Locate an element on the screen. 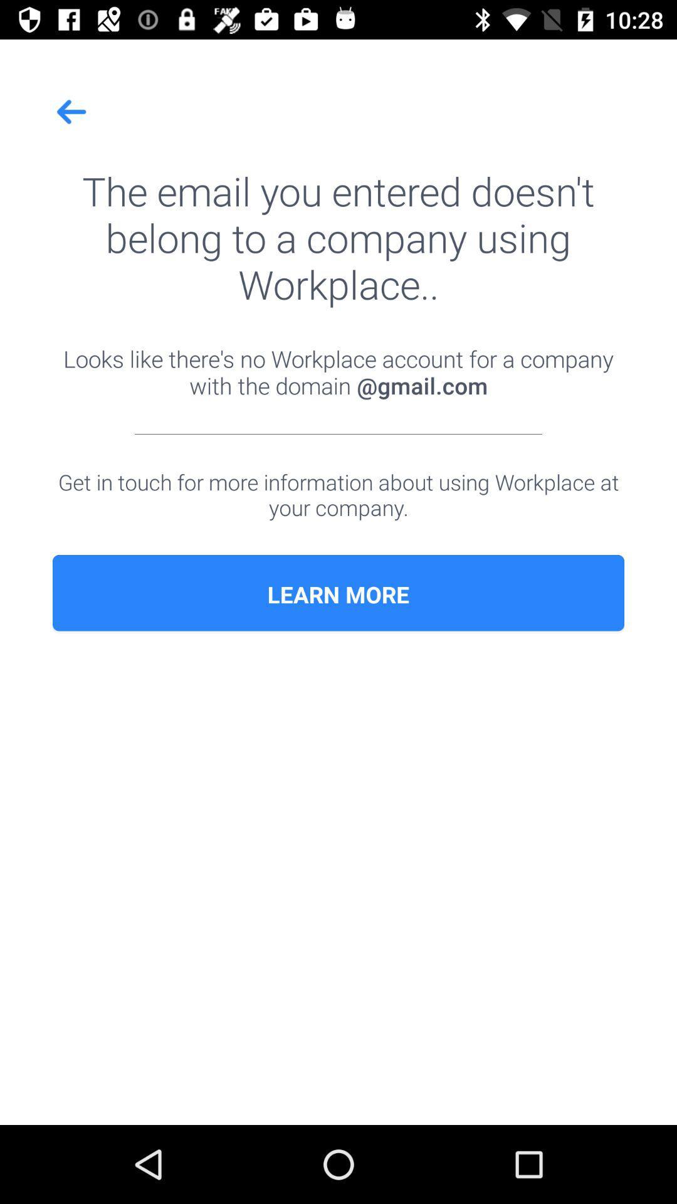 The image size is (677, 1204). item below the get in touch is located at coordinates (338, 594).